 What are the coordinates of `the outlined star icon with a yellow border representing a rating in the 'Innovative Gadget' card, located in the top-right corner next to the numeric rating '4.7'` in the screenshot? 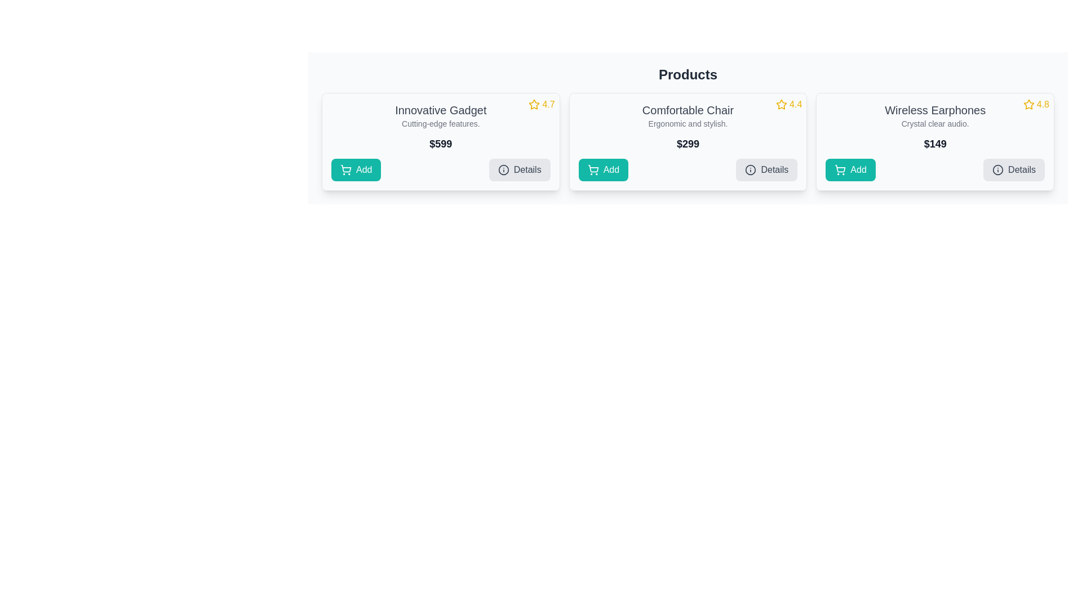 It's located at (534, 104).